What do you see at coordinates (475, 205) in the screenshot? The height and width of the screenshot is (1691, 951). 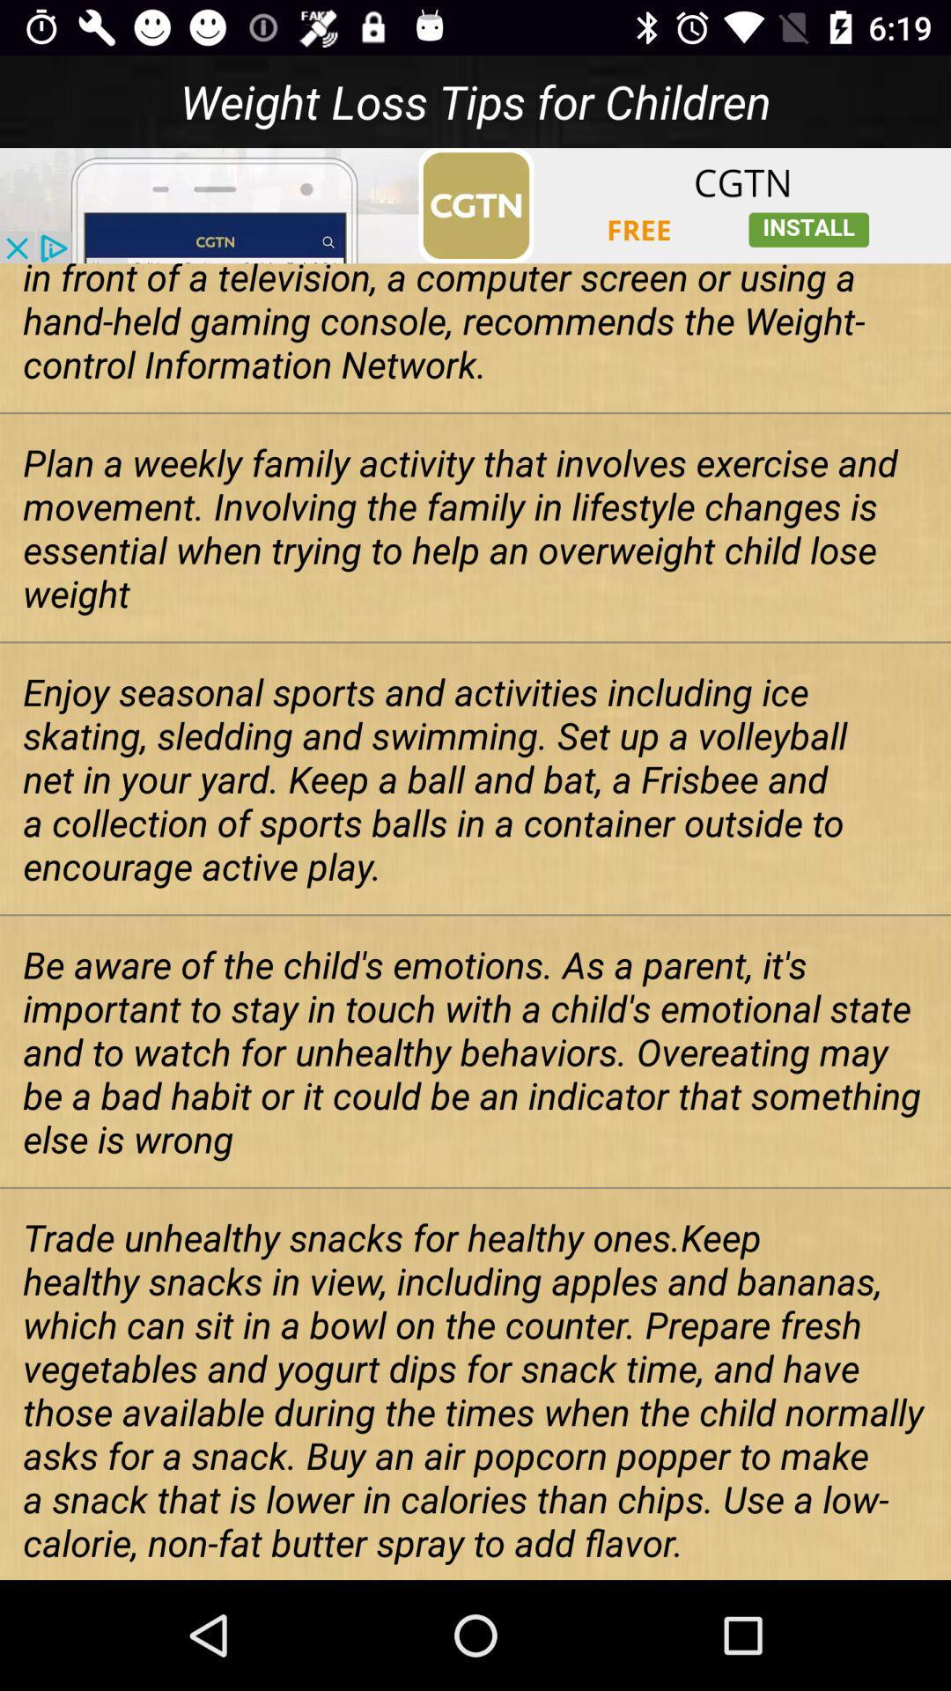 I see `advertisement` at bounding box center [475, 205].